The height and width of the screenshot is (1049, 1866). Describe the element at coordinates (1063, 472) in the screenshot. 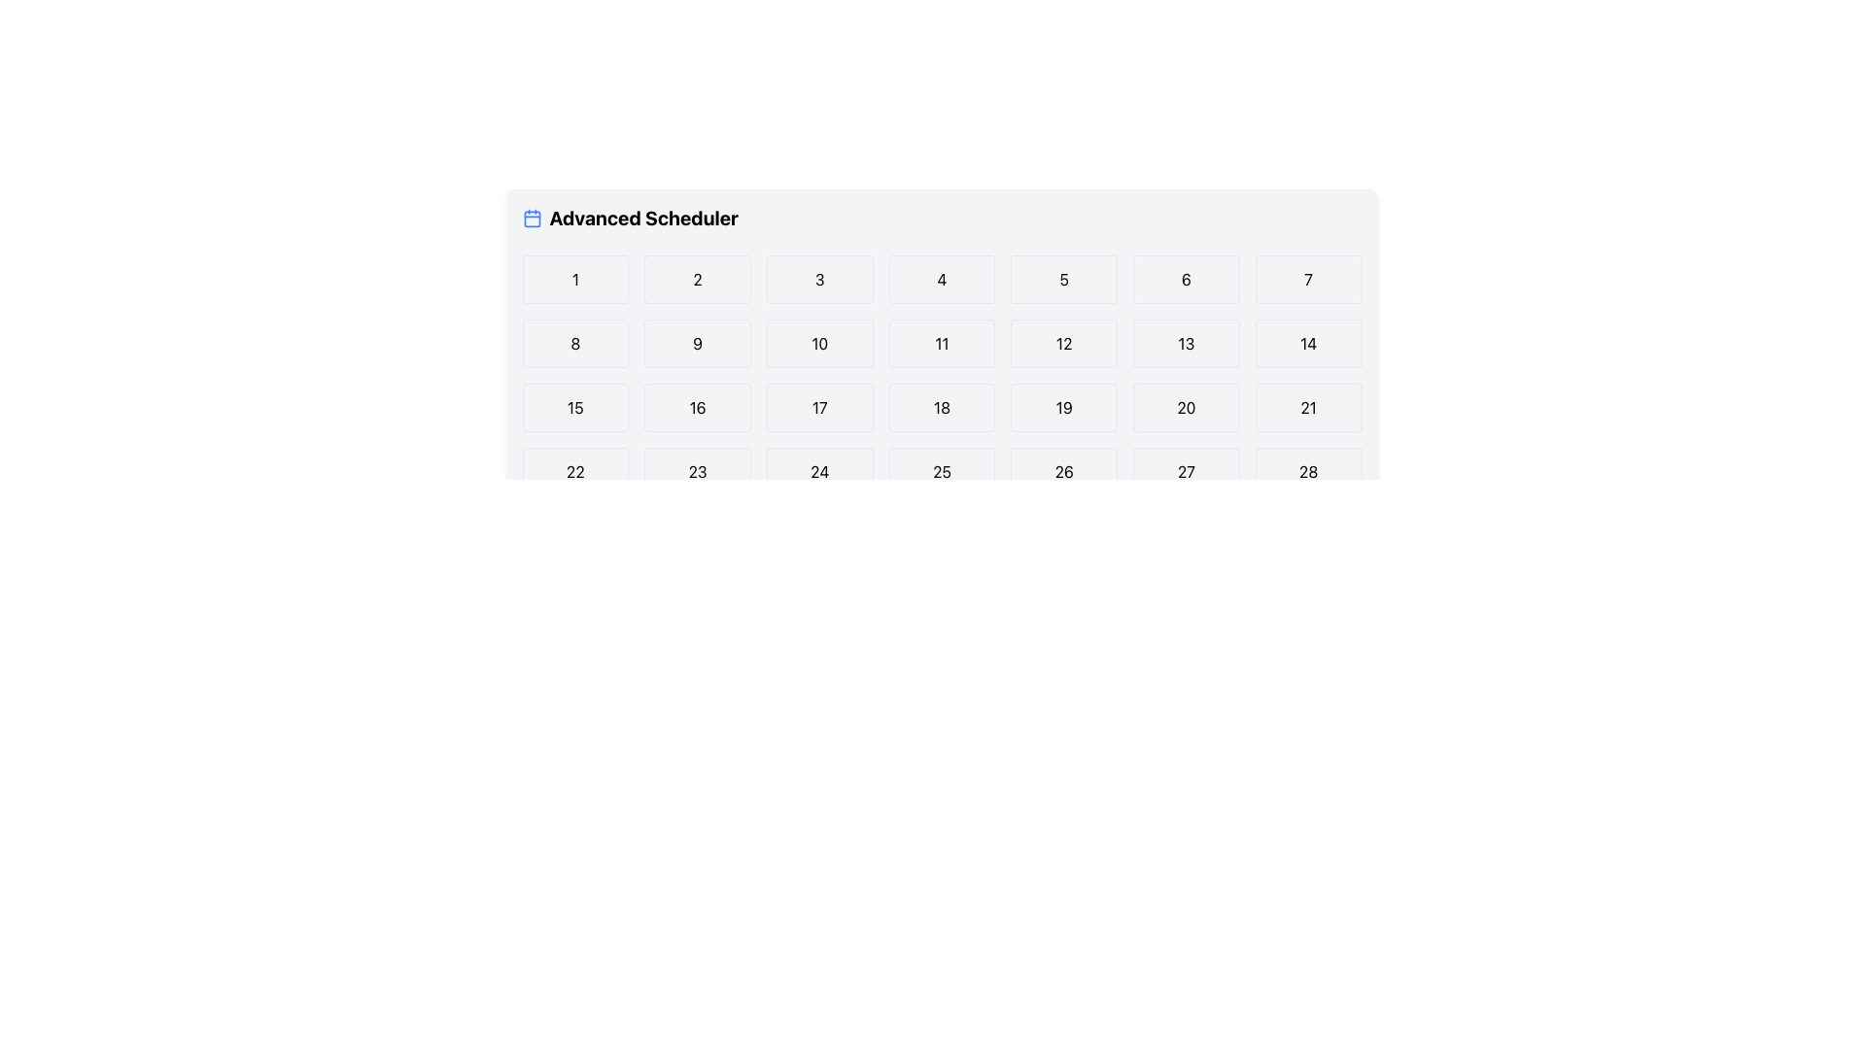

I see `the button displaying the number '26'` at that location.